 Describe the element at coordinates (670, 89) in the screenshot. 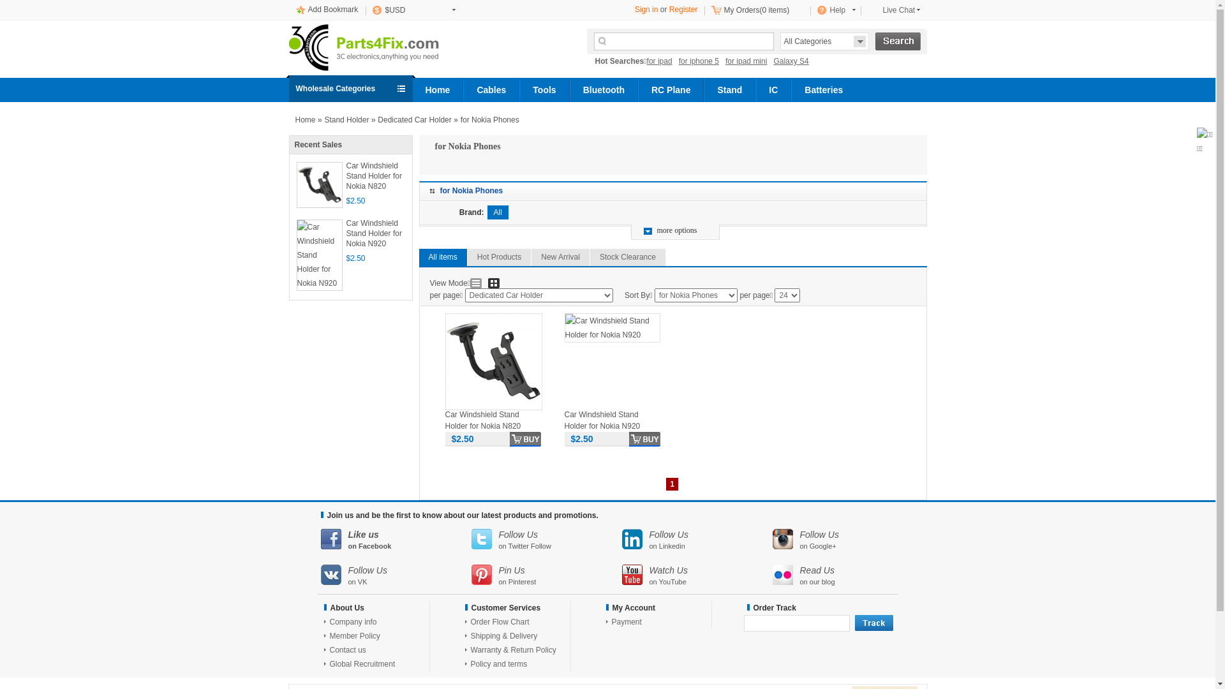

I see `'RC Plane'` at that location.